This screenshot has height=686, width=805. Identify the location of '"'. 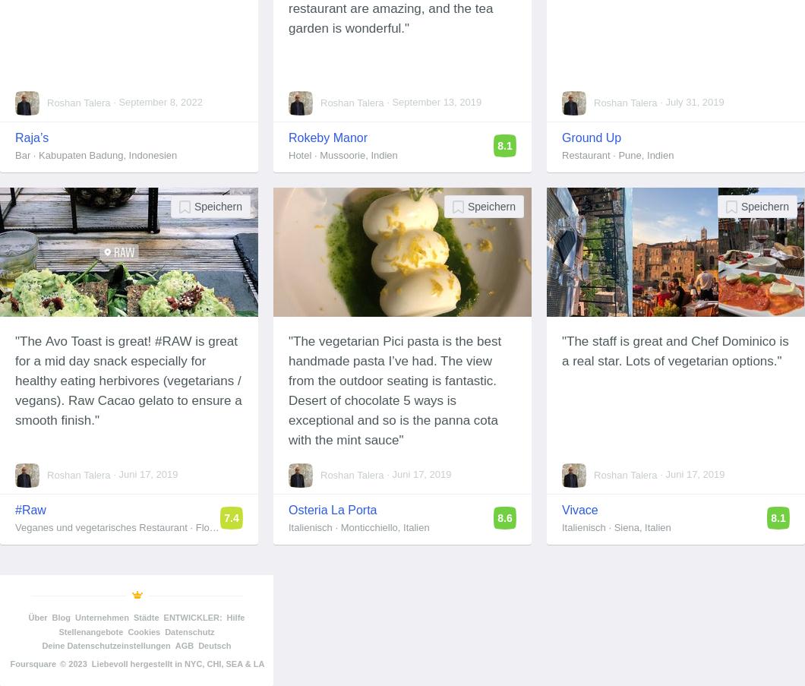
(398, 439).